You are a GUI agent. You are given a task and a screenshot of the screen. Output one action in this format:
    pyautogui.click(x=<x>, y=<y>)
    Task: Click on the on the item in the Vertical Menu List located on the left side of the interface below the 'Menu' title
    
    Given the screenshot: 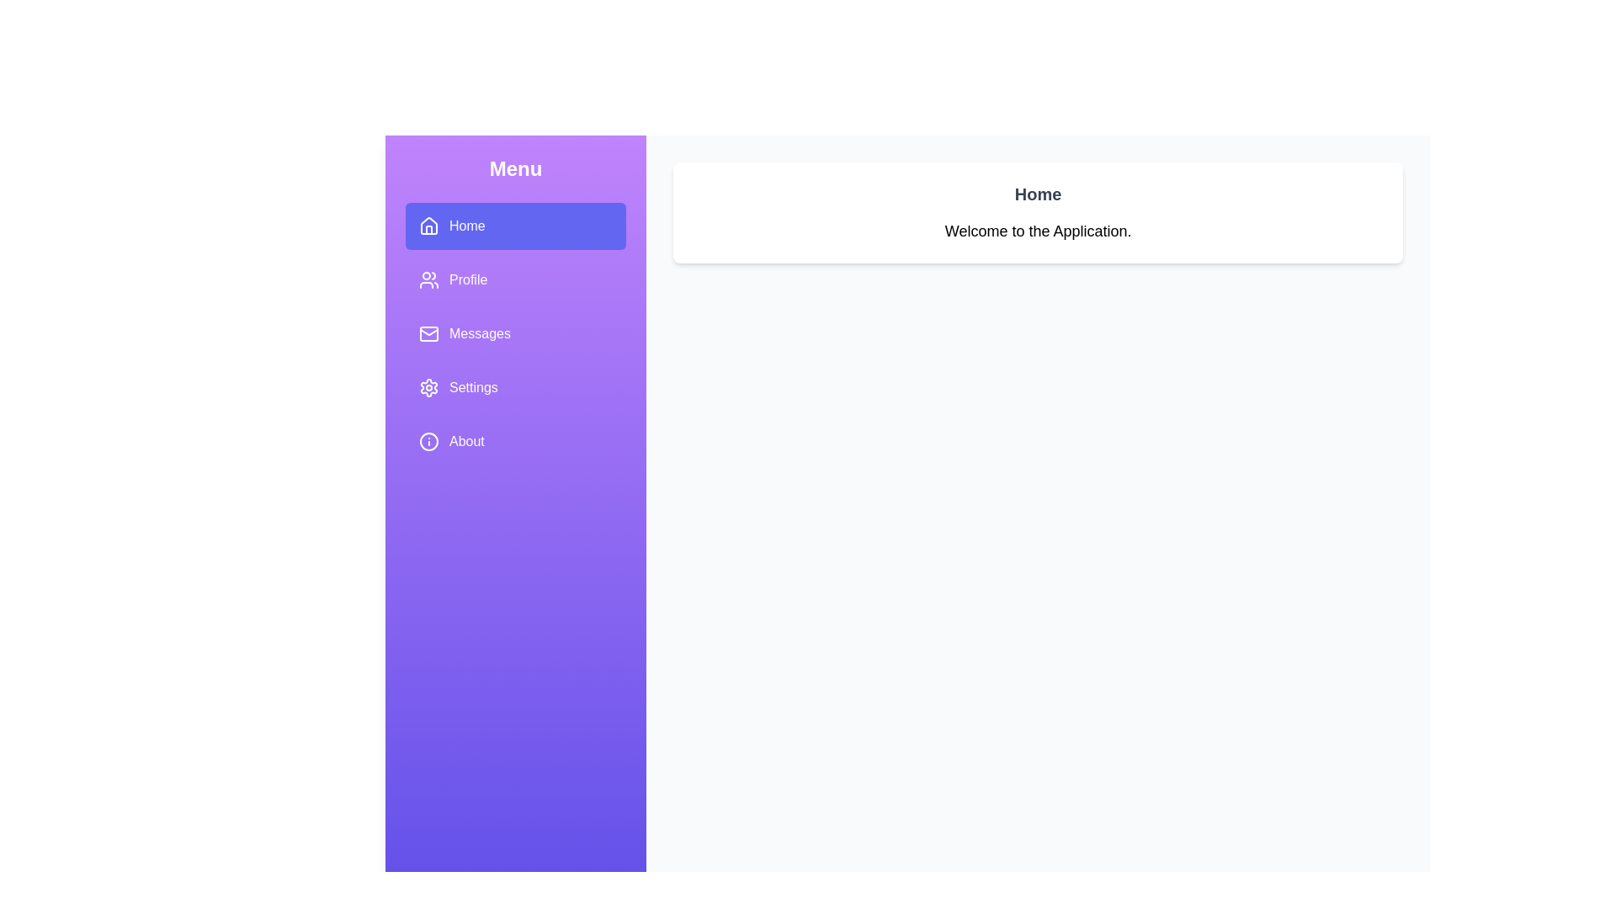 What is the action you would take?
    pyautogui.click(x=515, y=334)
    